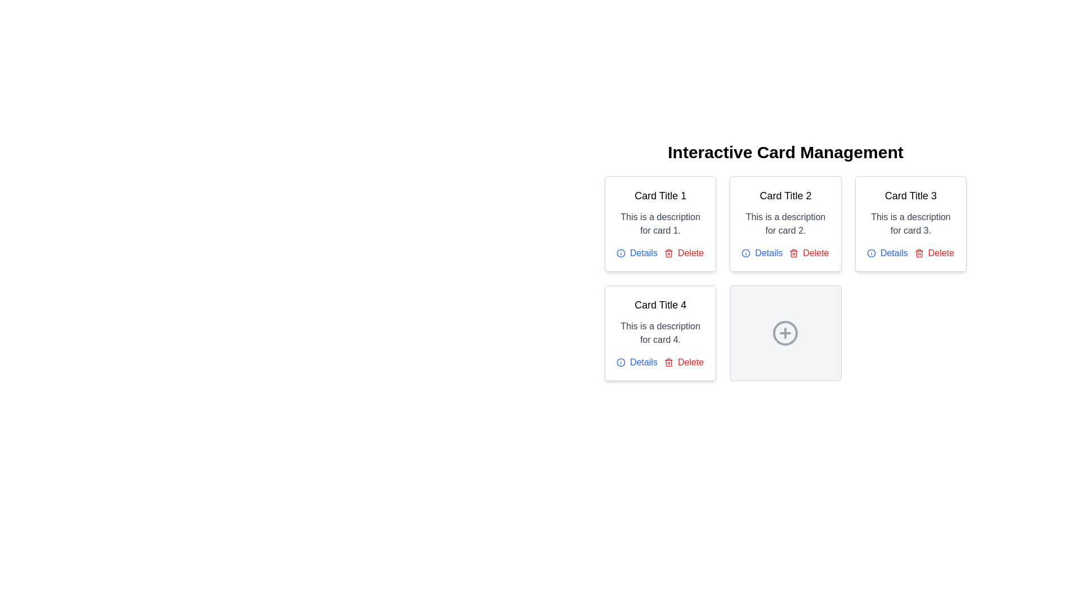 Image resolution: width=1081 pixels, height=608 pixels. I want to click on the red trash bin icon located within the 'Delete' button under 'Card Title 3', so click(919, 253).